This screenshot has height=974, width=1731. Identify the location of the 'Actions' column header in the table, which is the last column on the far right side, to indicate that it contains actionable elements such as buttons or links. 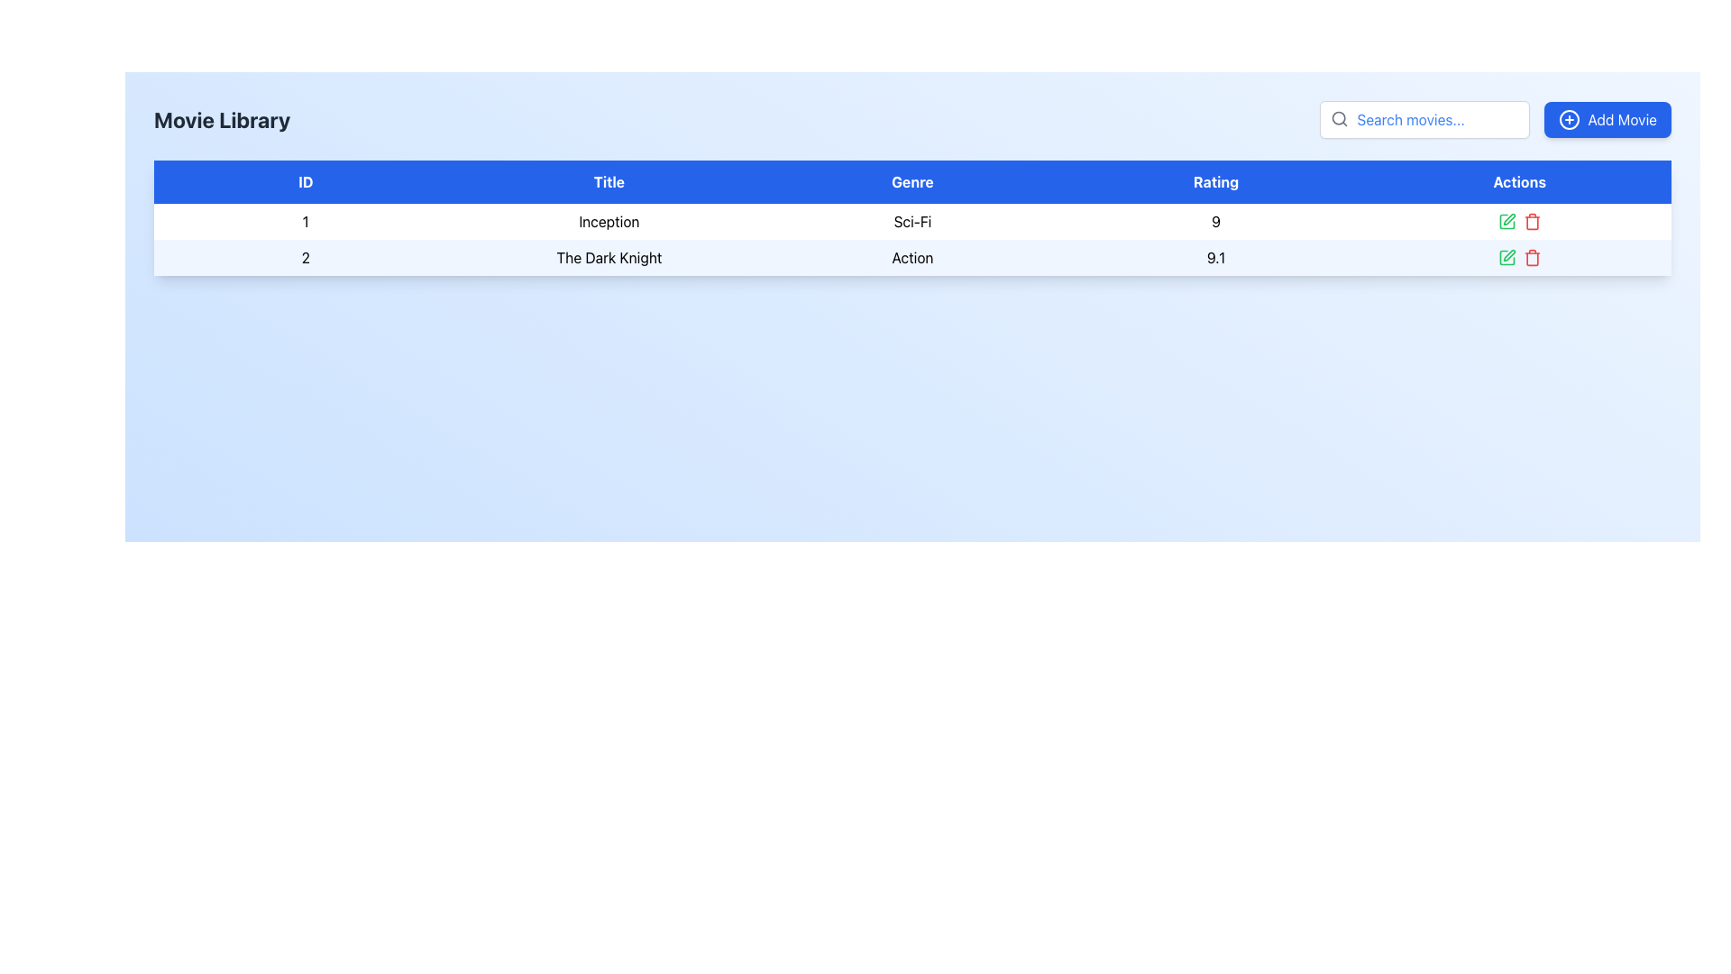
(1518, 181).